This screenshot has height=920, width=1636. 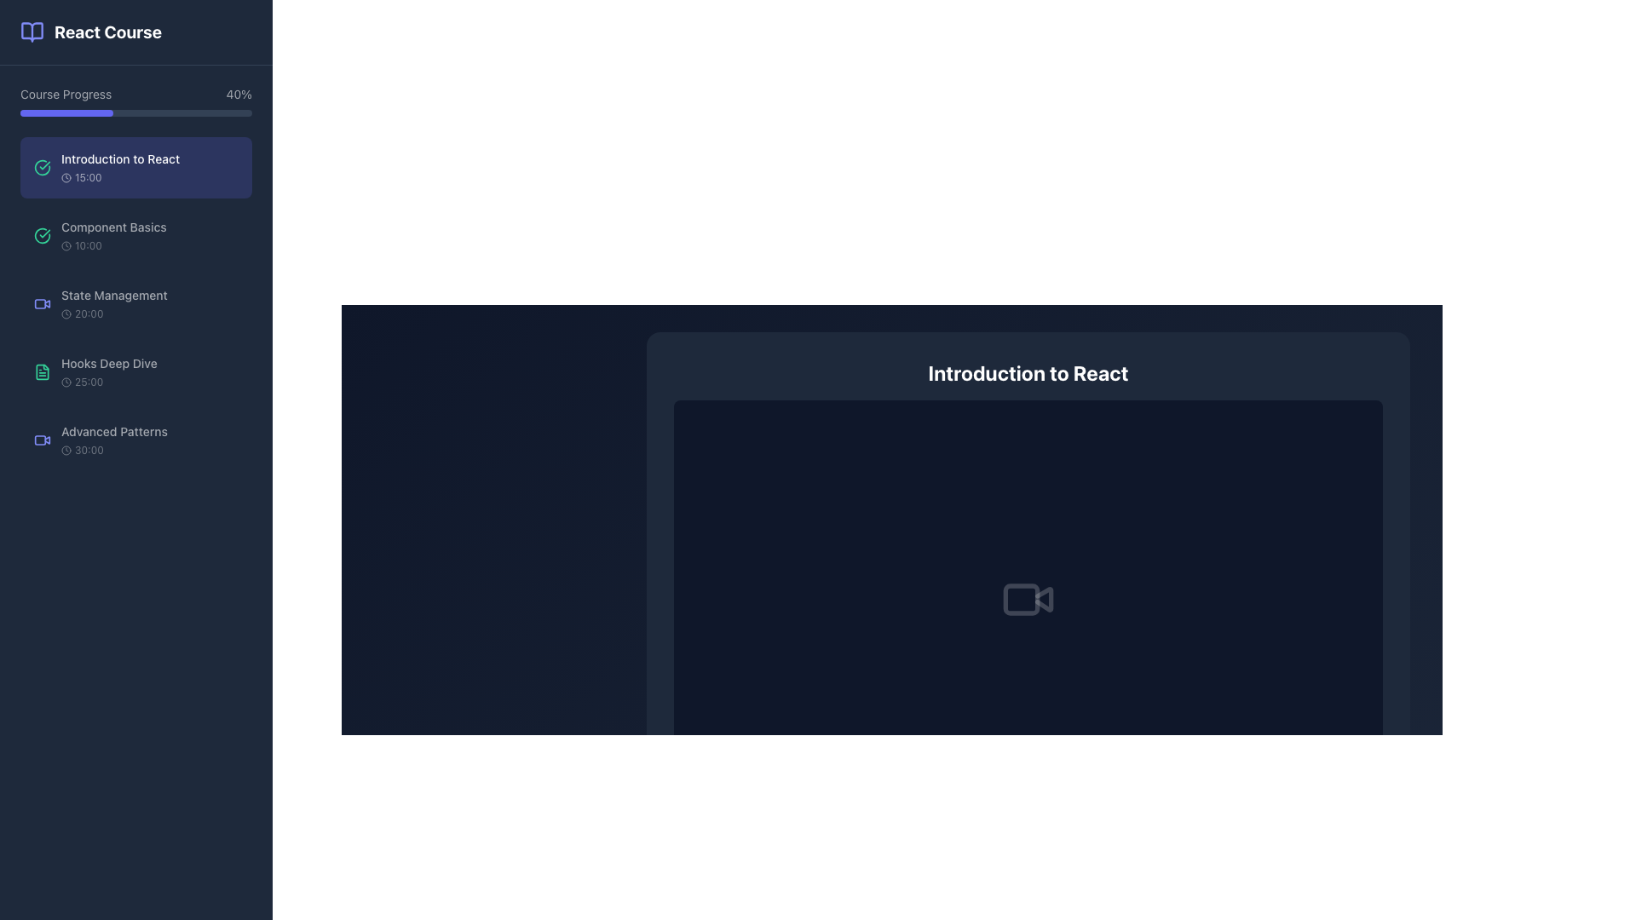 What do you see at coordinates (150, 236) in the screenshot?
I see `the 'Component Basics' text label with a clock icon located in the left sidebar` at bounding box center [150, 236].